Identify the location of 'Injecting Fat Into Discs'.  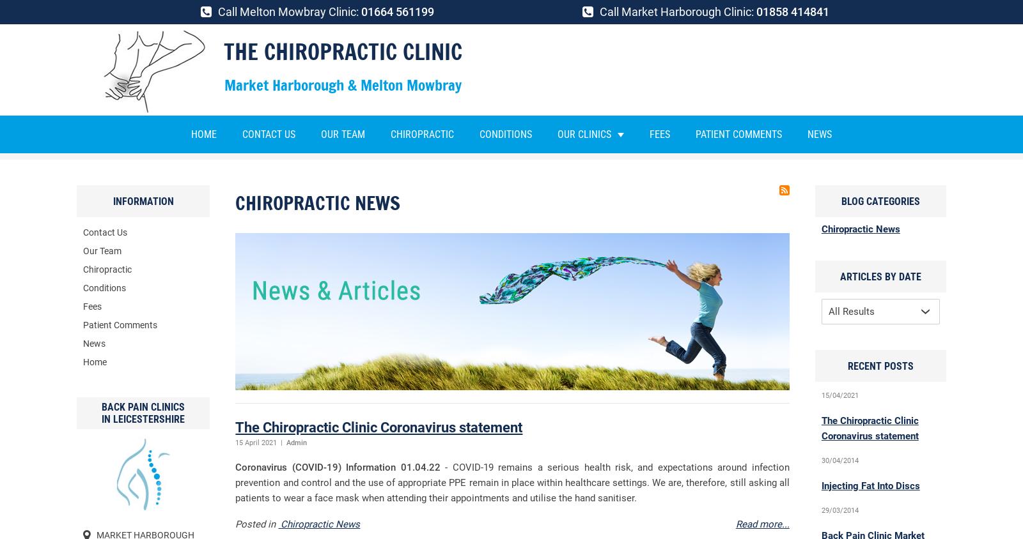
(869, 486).